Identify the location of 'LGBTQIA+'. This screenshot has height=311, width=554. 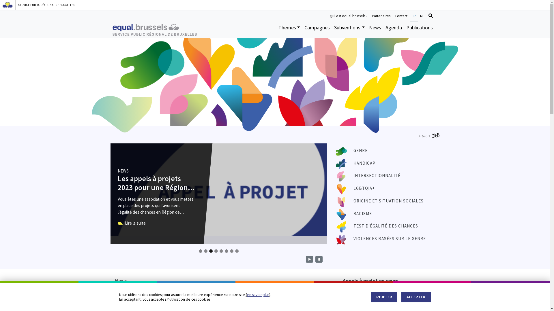
(364, 188).